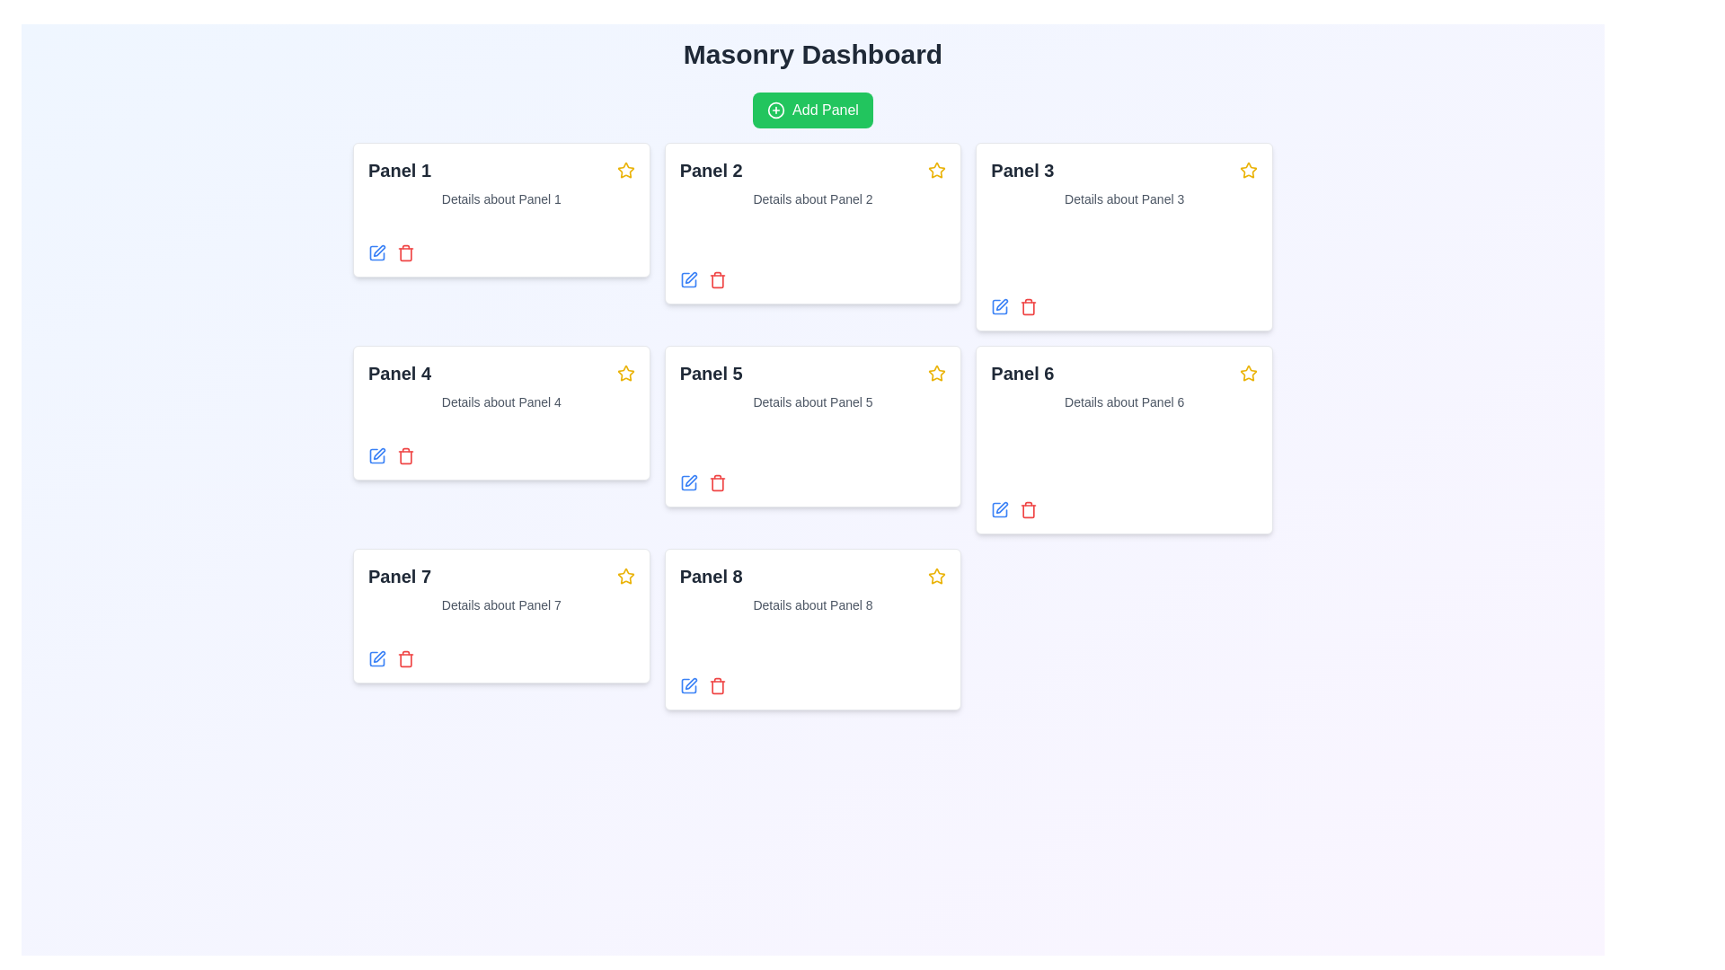  What do you see at coordinates (376, 252) in the screenshot?
I see `the edit button located in the first column under 'Panel 1'` at bounding box center [376, 252].